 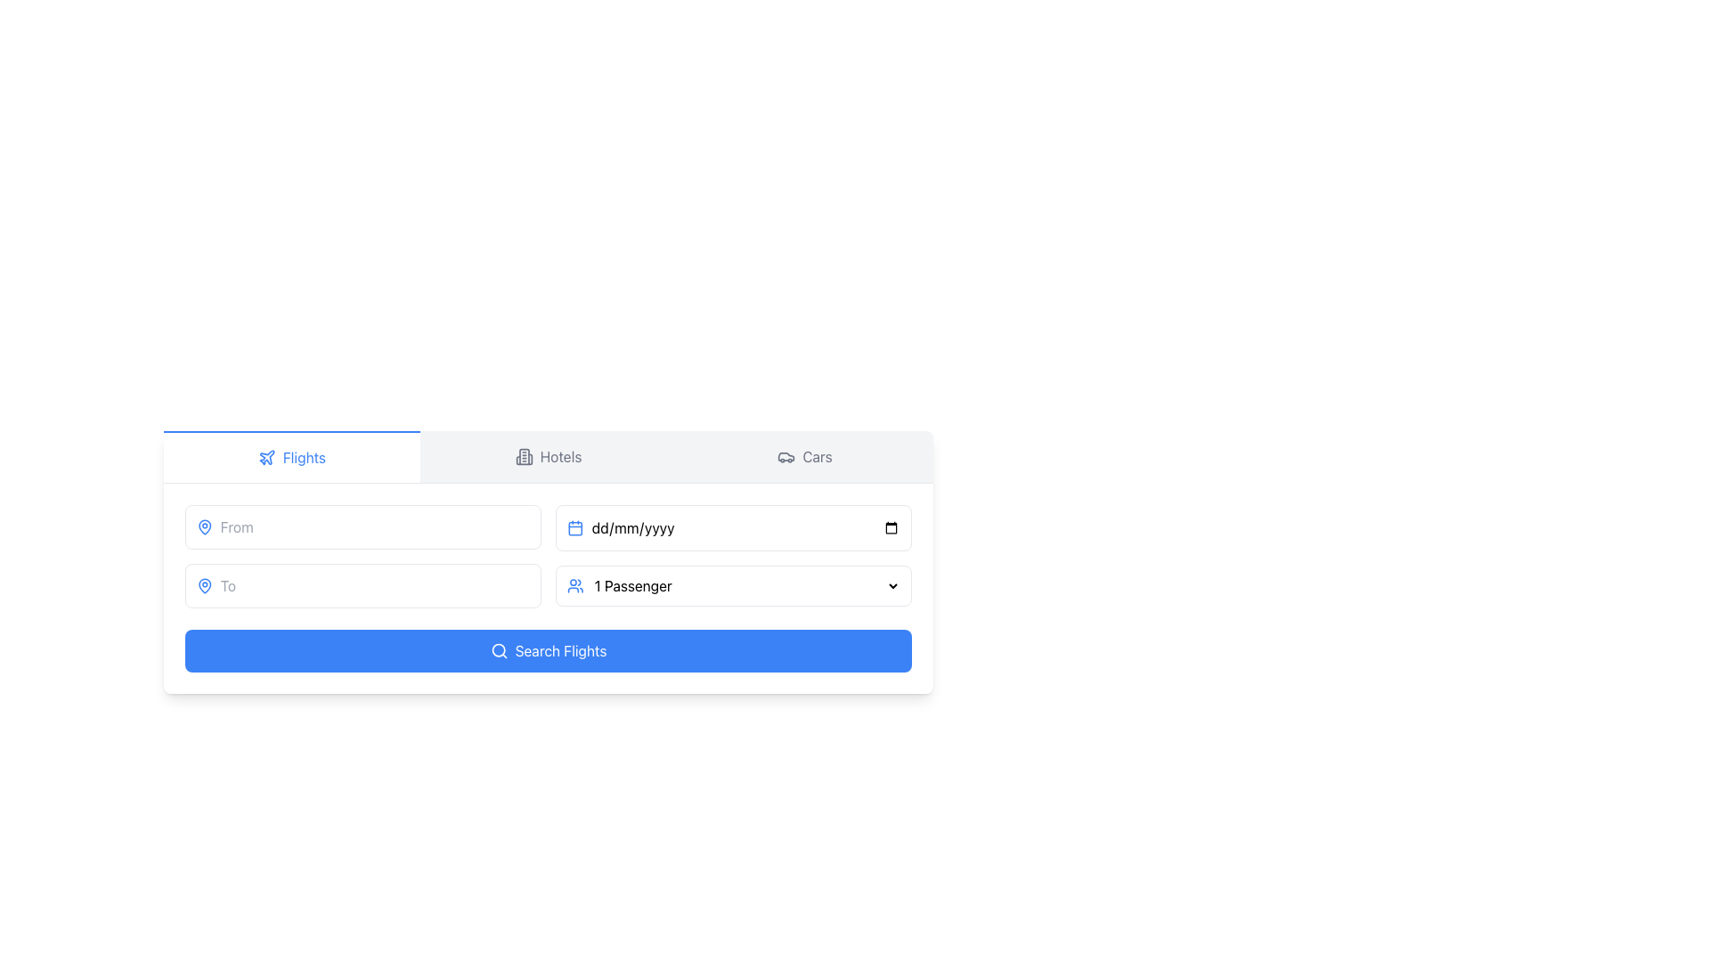 I want to click on the 'Cars' text label located in the horizontal navigation bar at the top of the form interface, so click(x=816, y=456).